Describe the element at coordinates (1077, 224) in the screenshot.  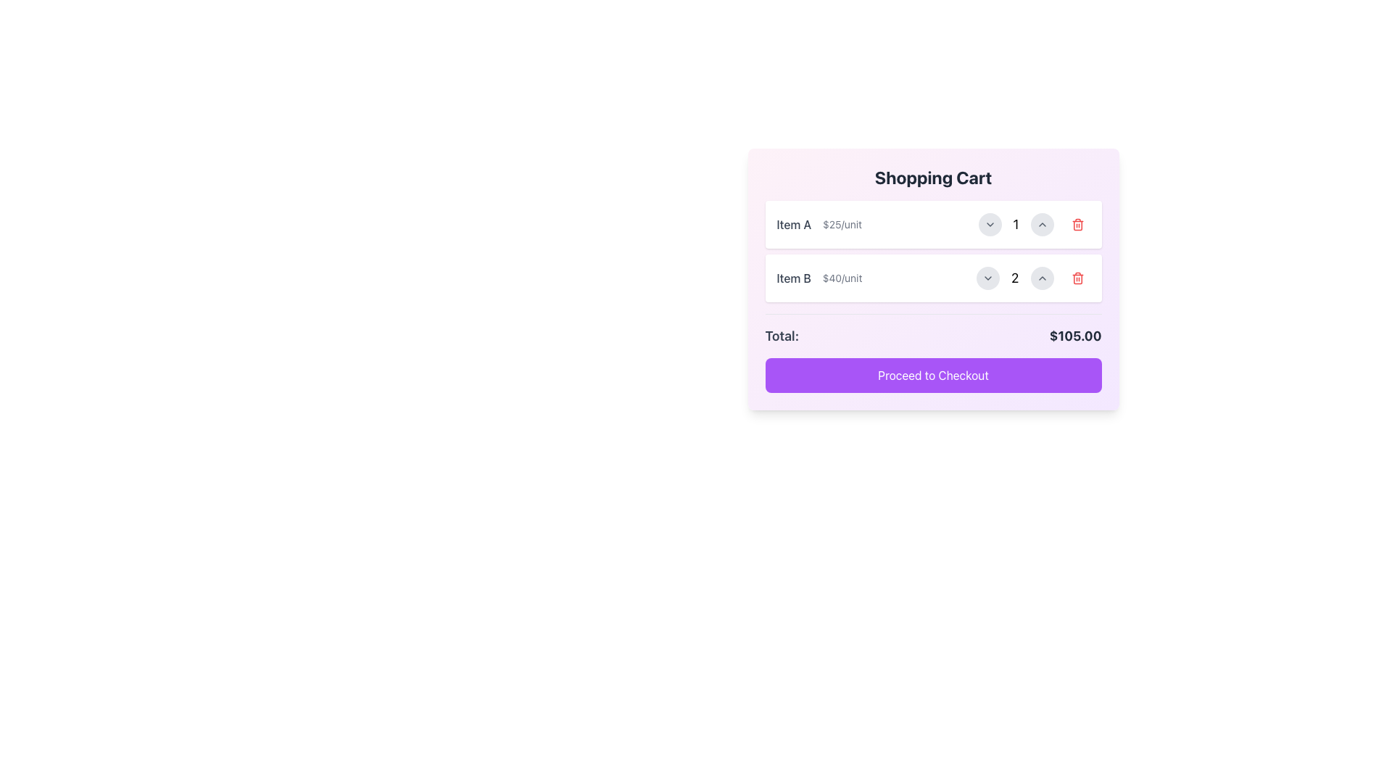
I see `the red trash icon button, which is located on the right side of the shopping cart interface next to the quantity selector of Item A, to provide visual feedback` at that location.